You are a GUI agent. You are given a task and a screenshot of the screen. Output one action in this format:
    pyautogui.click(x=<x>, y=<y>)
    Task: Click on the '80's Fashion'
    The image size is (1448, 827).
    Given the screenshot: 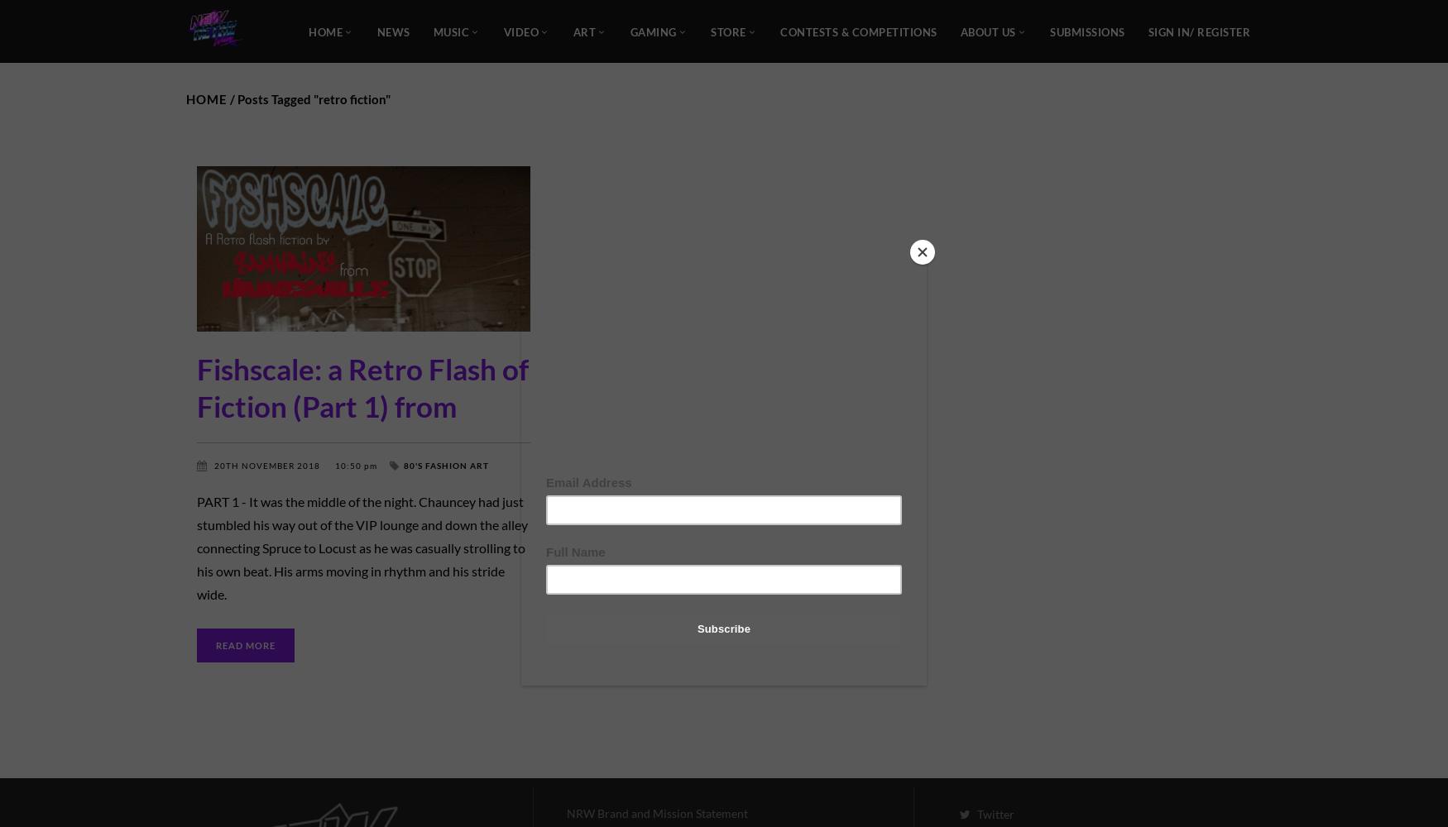 What is the action you would take?
    pyautogui.click(x=434, y=465)
    